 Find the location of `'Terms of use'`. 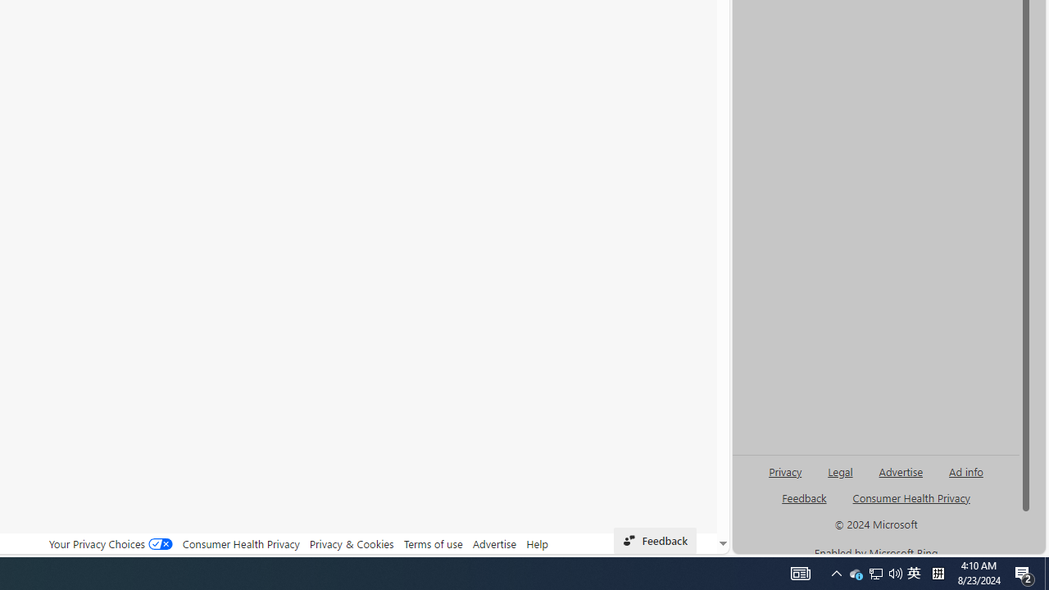

'Terms of use' is located at coordinates (433, 543).